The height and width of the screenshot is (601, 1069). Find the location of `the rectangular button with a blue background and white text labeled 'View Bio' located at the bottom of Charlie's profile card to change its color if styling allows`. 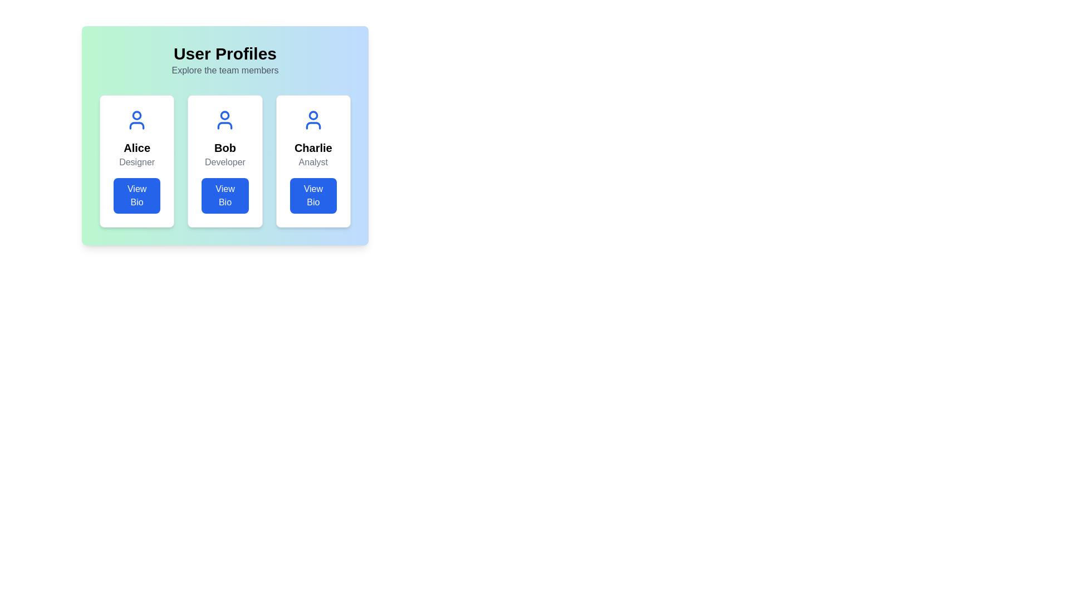

the rectangular button with a blue background and white text labeled 'View Bio' located at the bottom of Charlie's profile card to change its color if styling allows is located at coordinates (312, 195).